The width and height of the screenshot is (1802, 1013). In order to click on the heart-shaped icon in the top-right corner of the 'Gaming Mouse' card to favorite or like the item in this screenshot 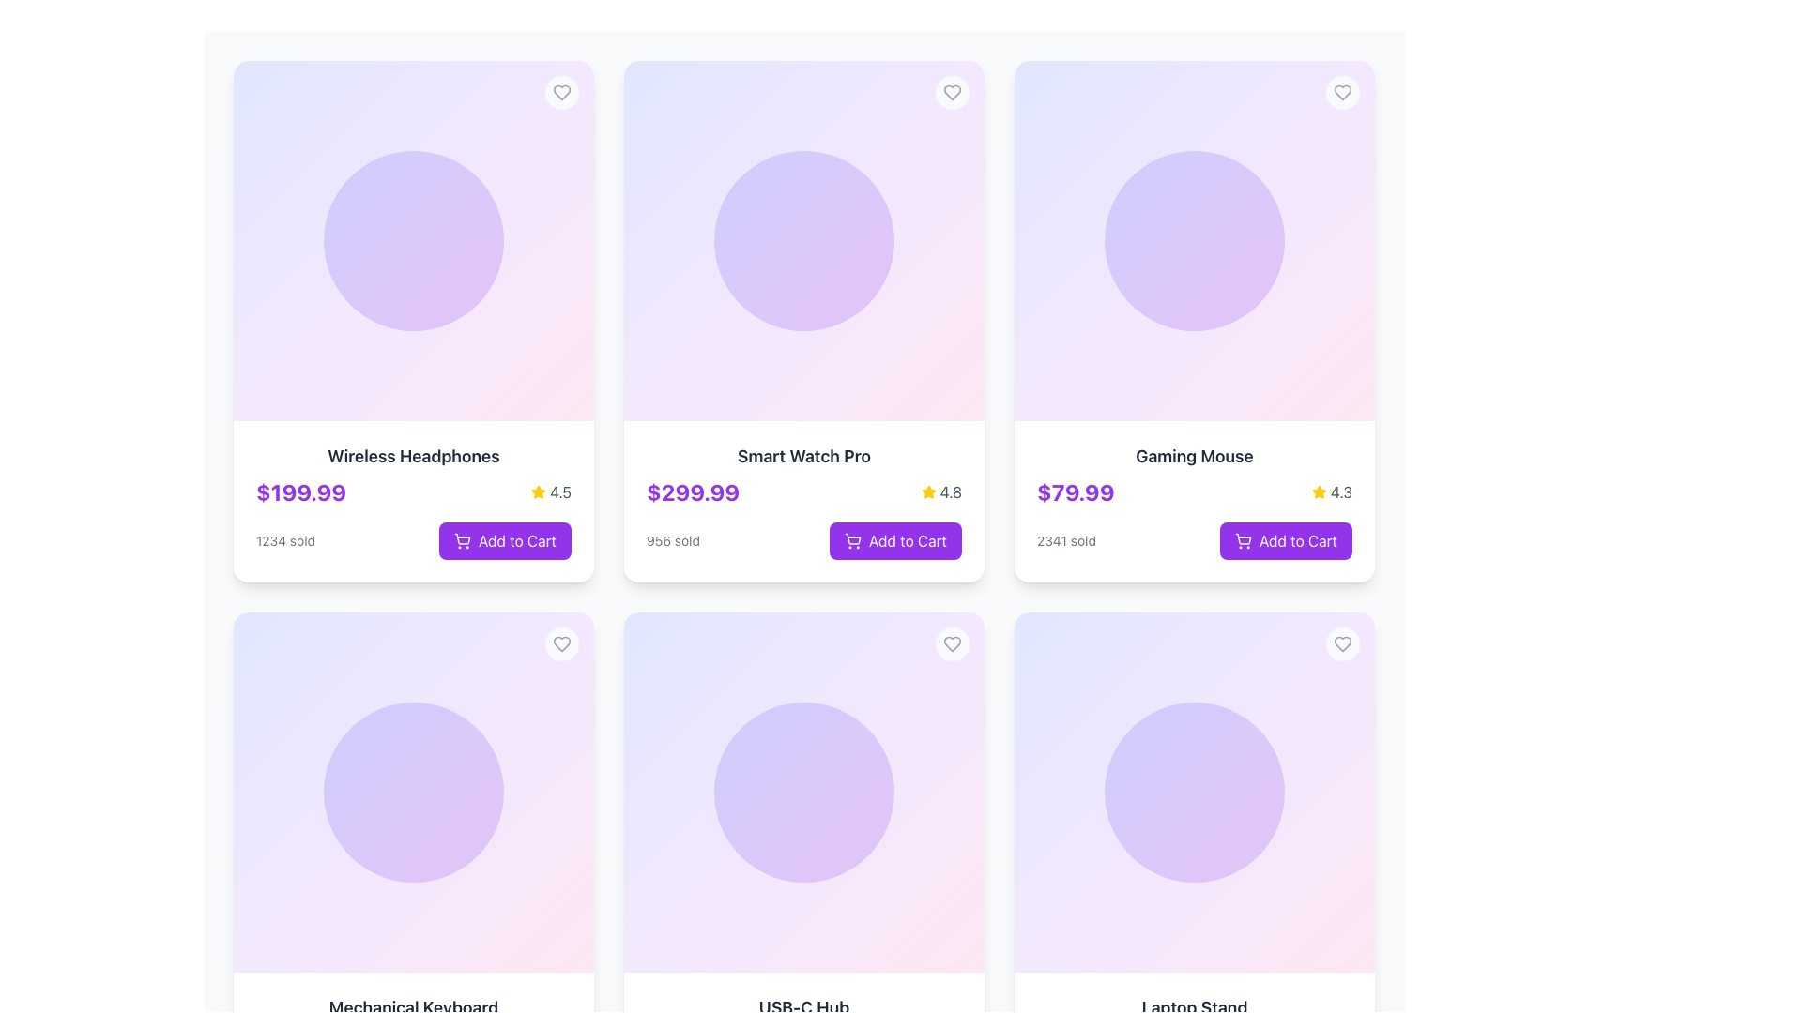, I will do `click(1341, 93)`.